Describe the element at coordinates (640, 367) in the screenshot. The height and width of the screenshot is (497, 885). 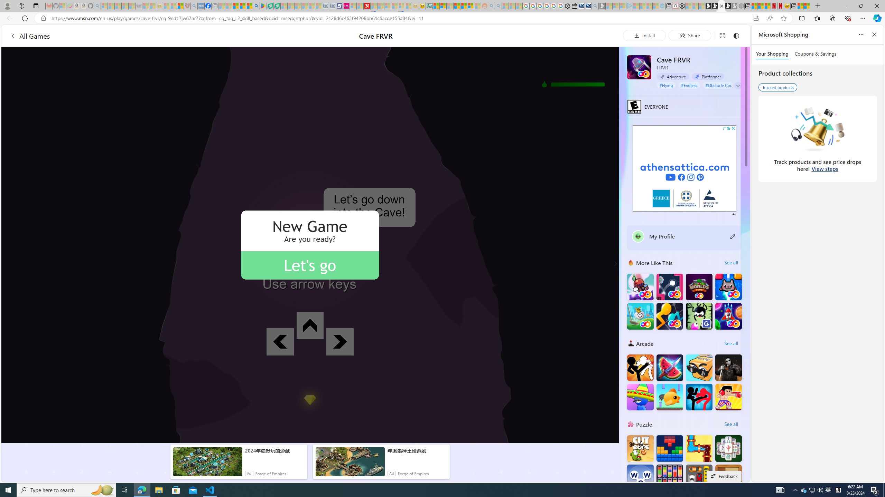
I see `'Stickman Fighter : Mega Brawl'` at that location.